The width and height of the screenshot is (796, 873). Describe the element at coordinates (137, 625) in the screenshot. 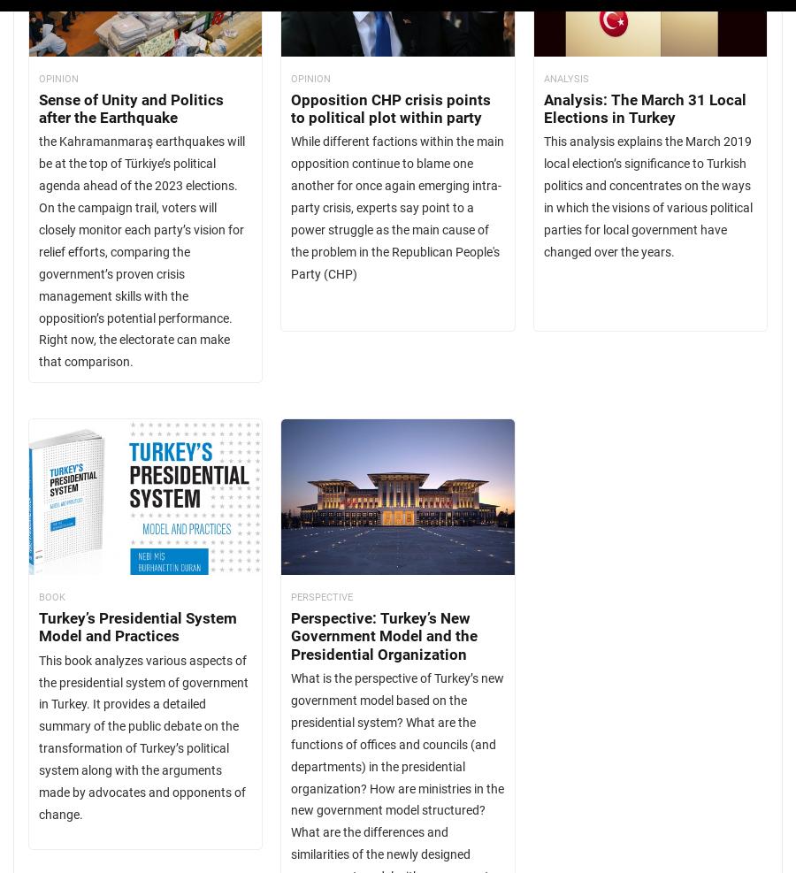

I see `'Turkey’s Presidential System Model and Practices'` at that location.